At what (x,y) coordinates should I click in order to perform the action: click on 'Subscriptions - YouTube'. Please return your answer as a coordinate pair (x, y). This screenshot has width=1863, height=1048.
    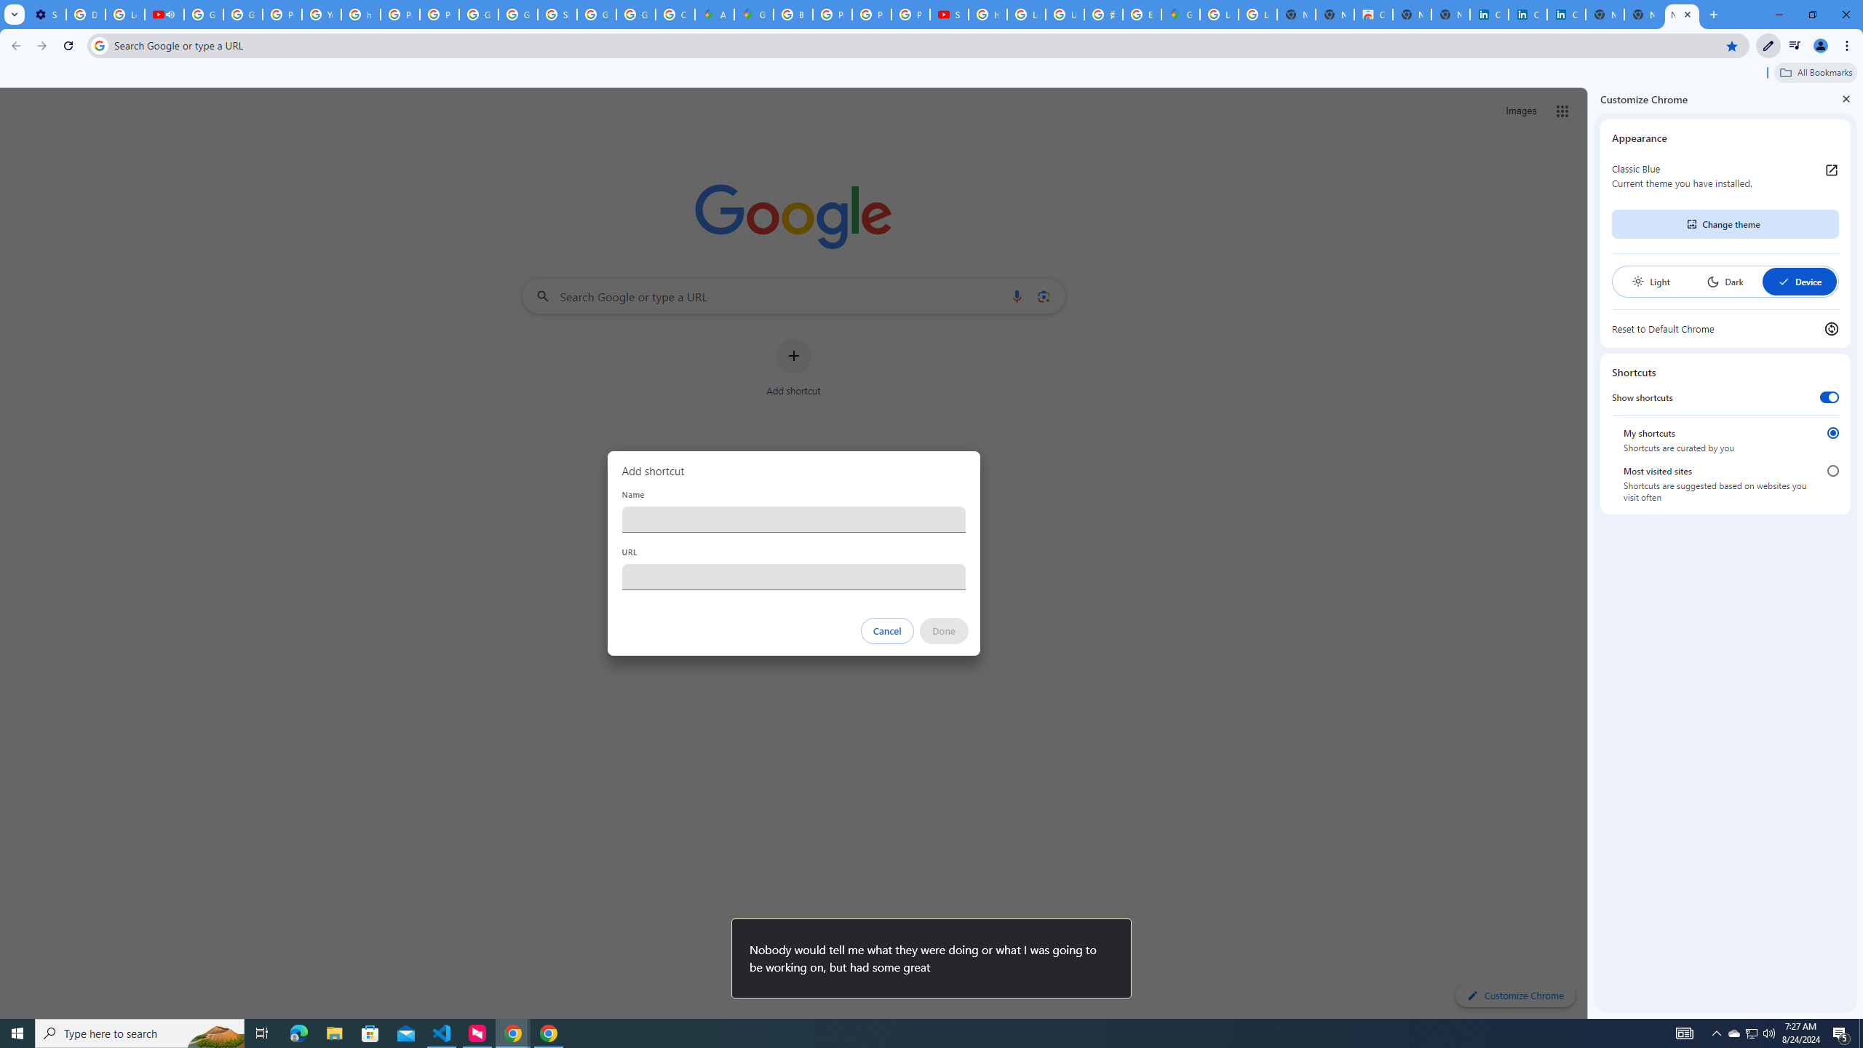
    Looking at the image, I should click on (949, 14).